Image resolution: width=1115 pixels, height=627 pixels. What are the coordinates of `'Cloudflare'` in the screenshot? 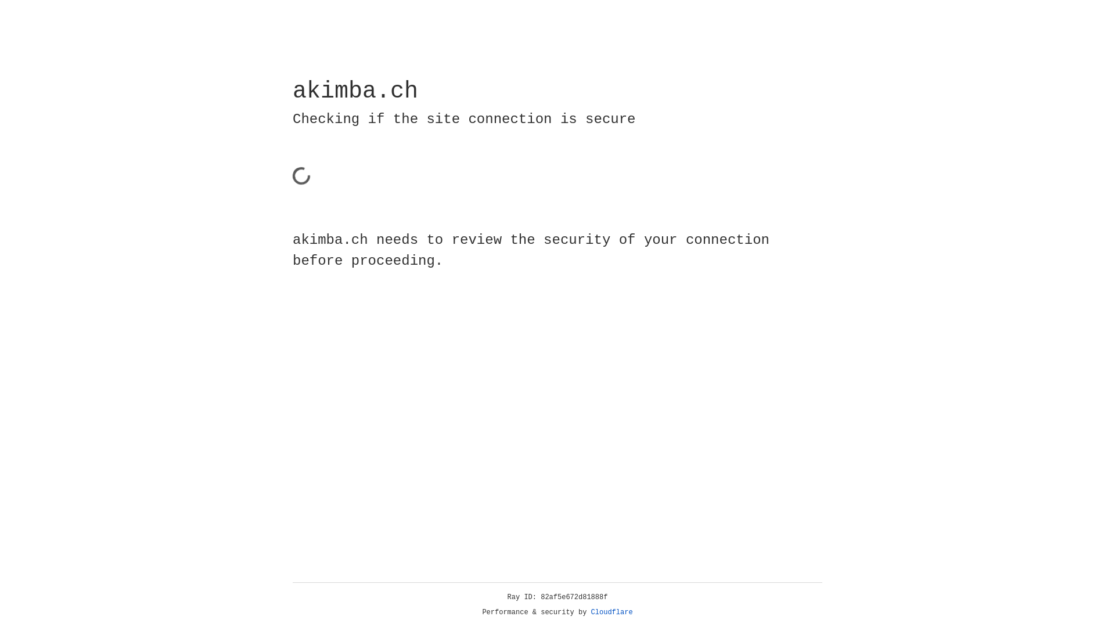 It's located at (591, 612).